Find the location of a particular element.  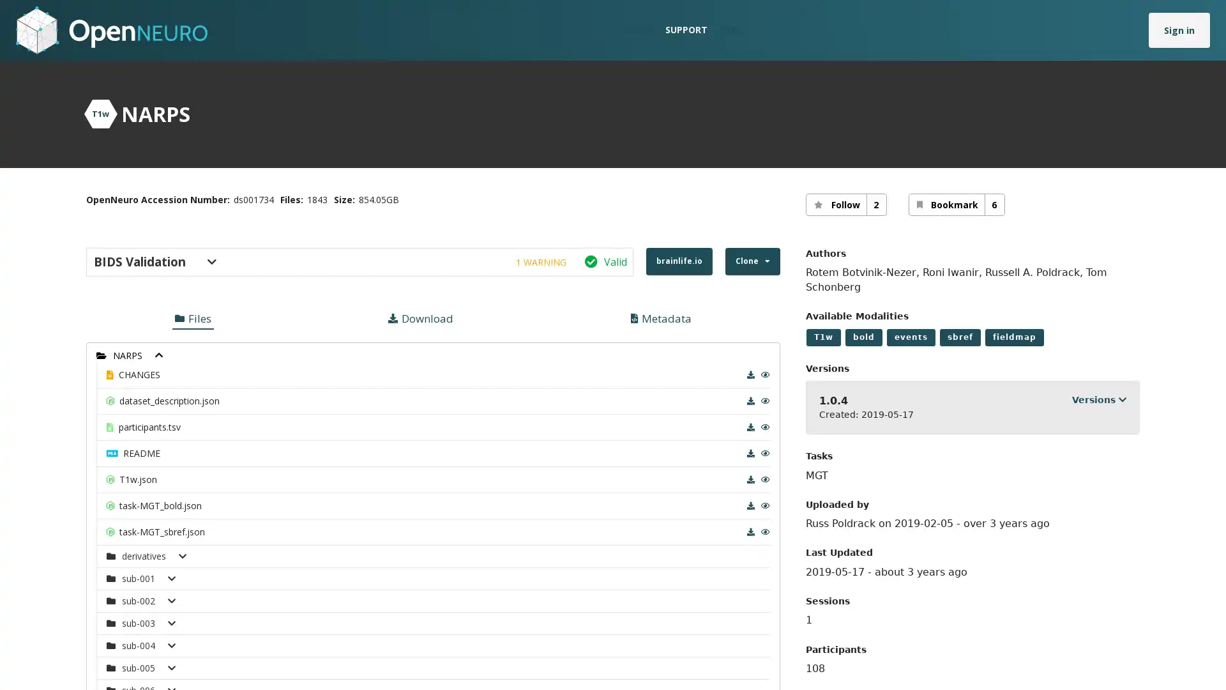

Clone is located at coordinates (752, 261).